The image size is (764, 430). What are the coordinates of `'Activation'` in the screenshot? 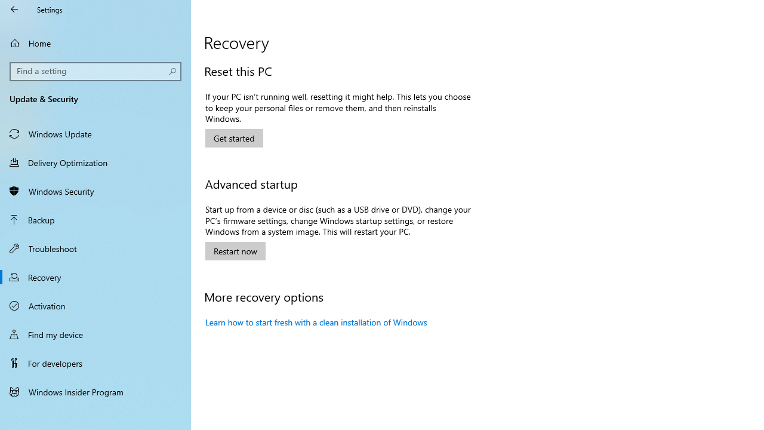 It's located at (95, 305).